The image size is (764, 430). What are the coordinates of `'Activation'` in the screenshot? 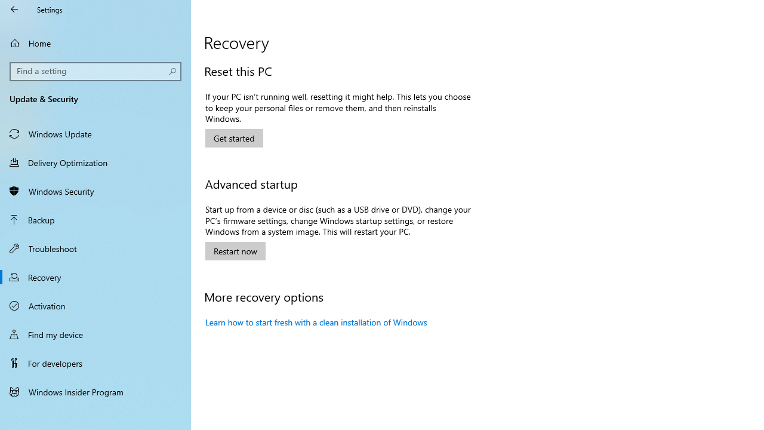 It's located at (95, 305).